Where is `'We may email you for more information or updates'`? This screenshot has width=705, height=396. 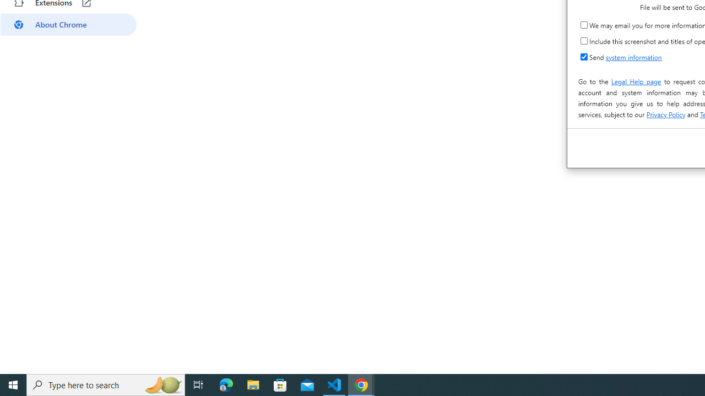
'We may email you for more information or updates' is located at coordinates (583, 25).